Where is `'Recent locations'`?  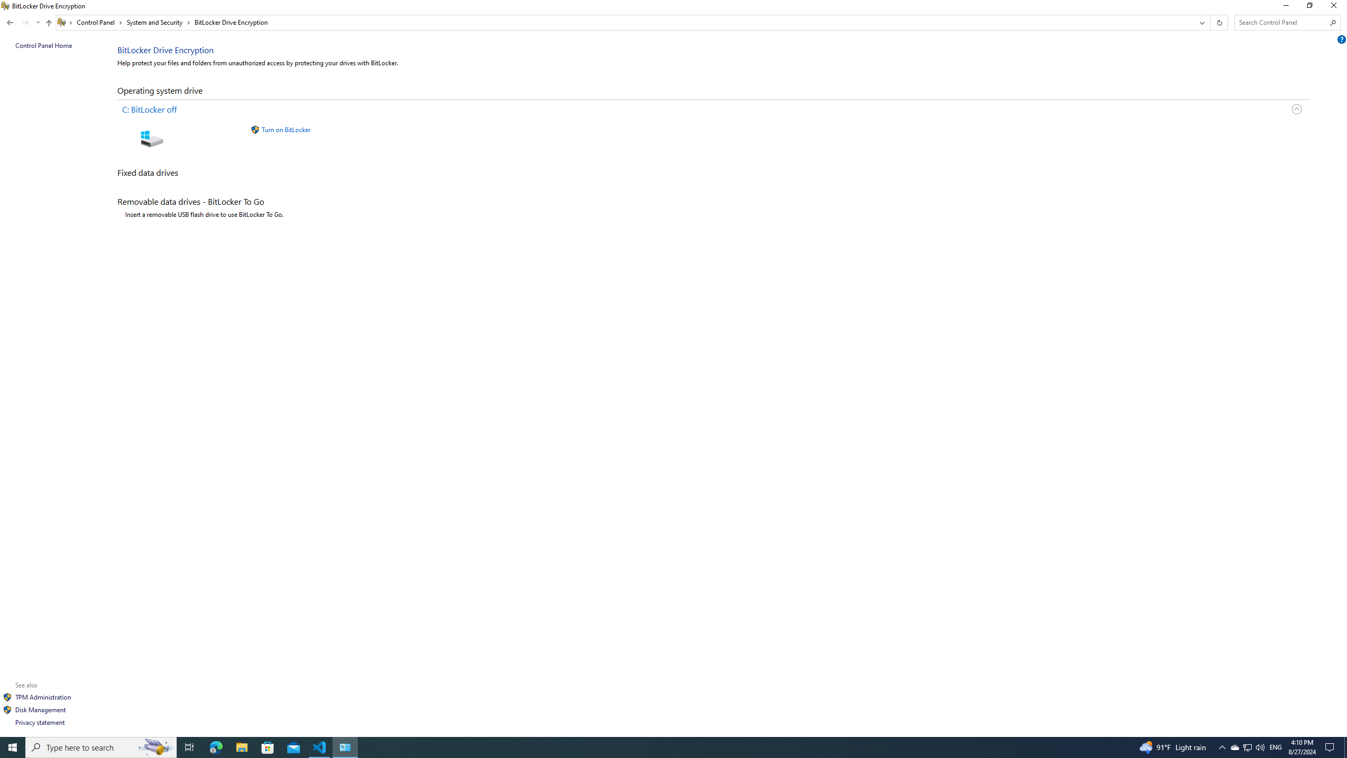
'Recent locations' is located at coordinates (37, 22).